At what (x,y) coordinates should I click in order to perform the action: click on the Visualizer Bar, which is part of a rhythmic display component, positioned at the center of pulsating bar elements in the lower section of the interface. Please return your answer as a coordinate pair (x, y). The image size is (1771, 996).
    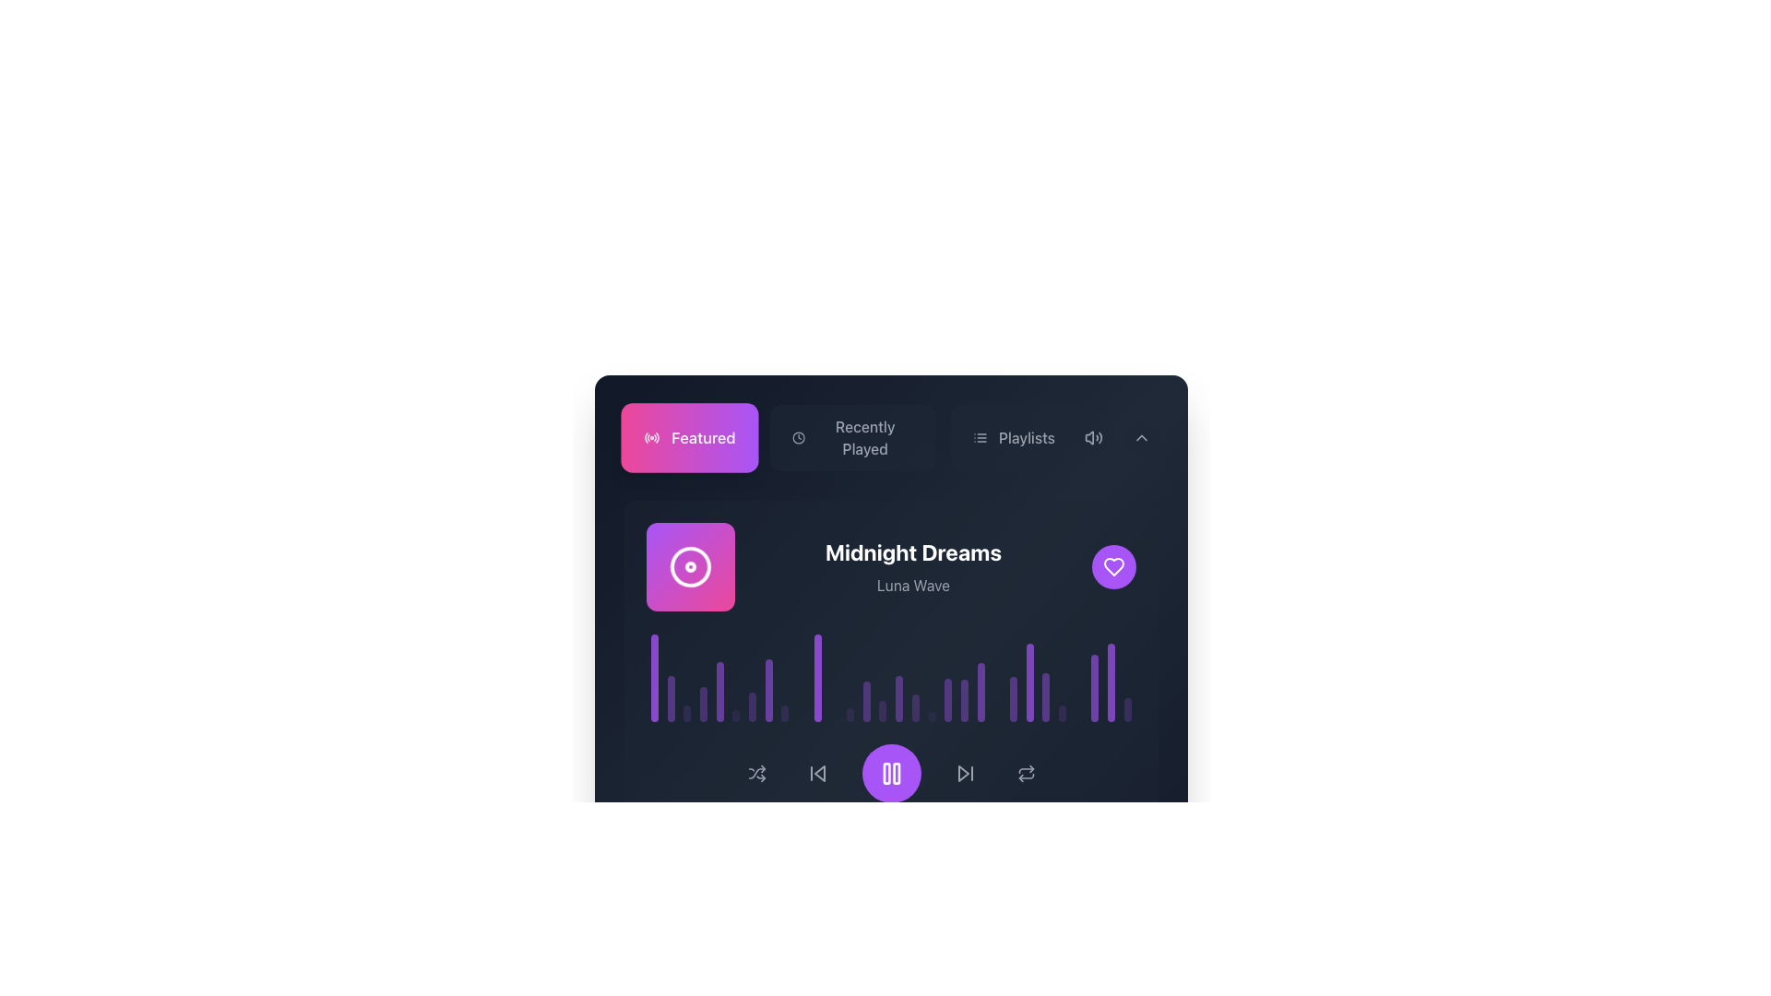
    Looking at the image, I should click on (882, 710).